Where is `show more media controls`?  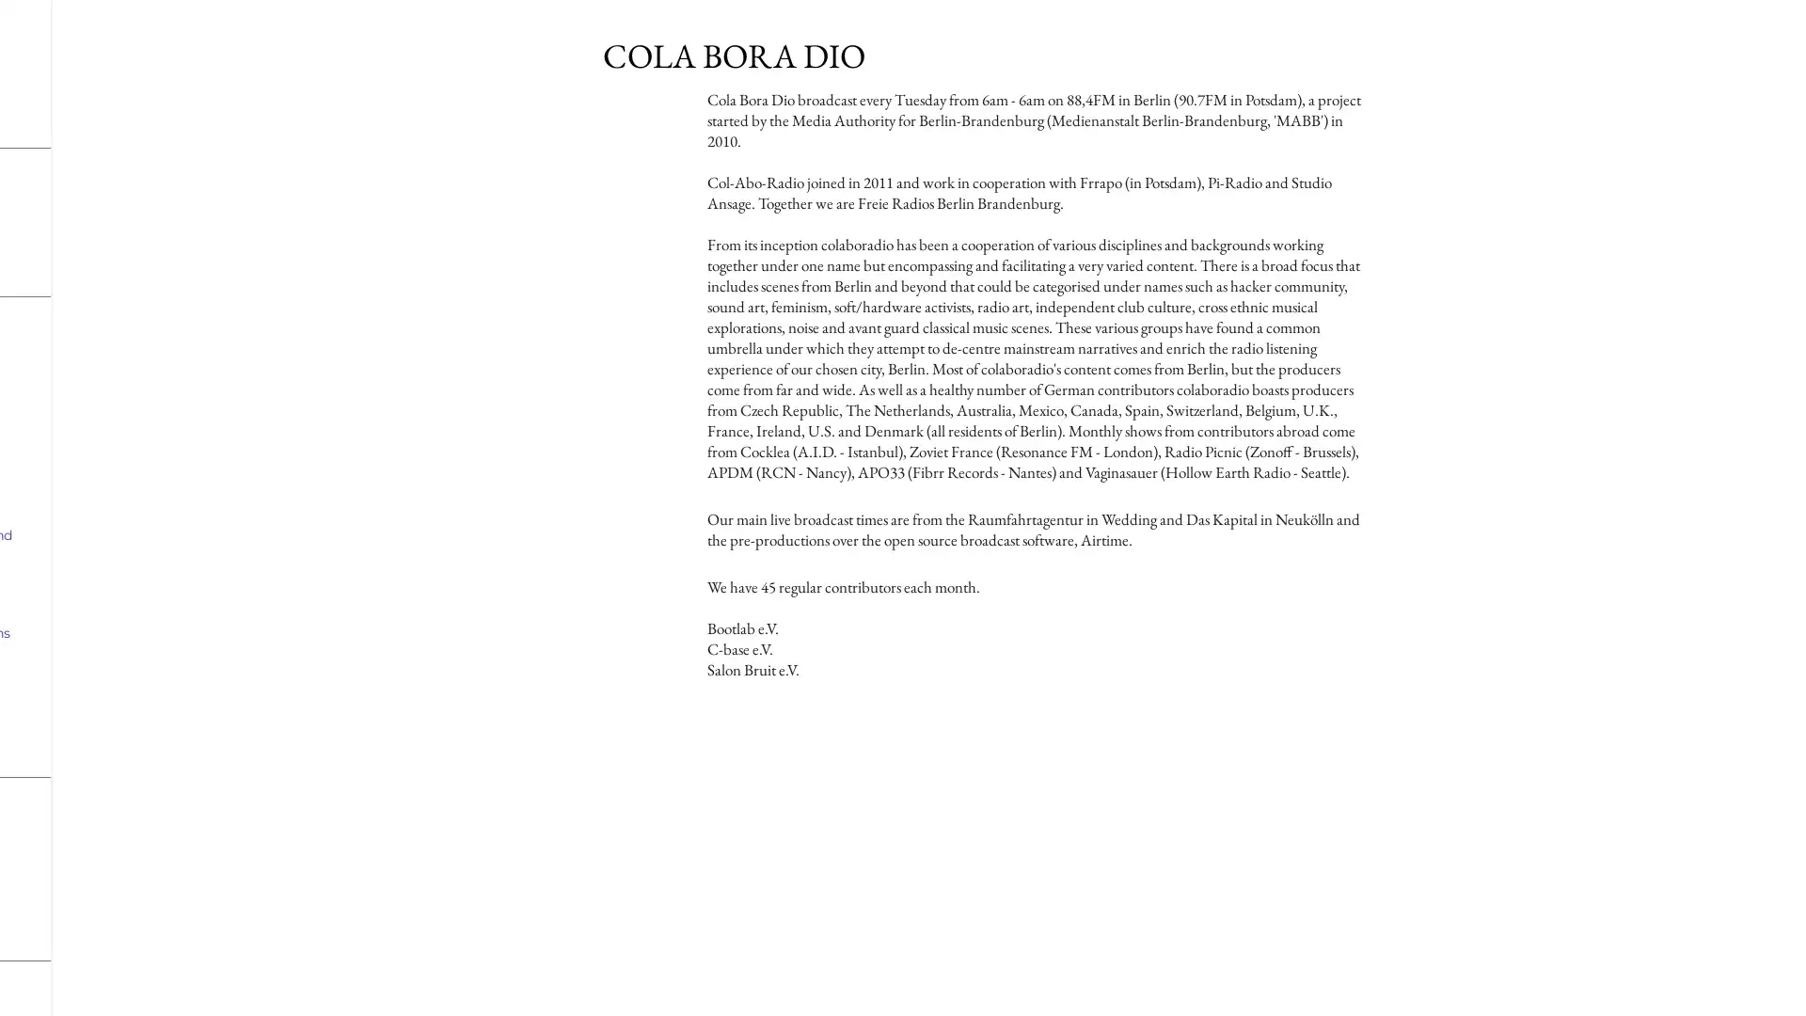
show more media controls is located at coordinates (172, 228).